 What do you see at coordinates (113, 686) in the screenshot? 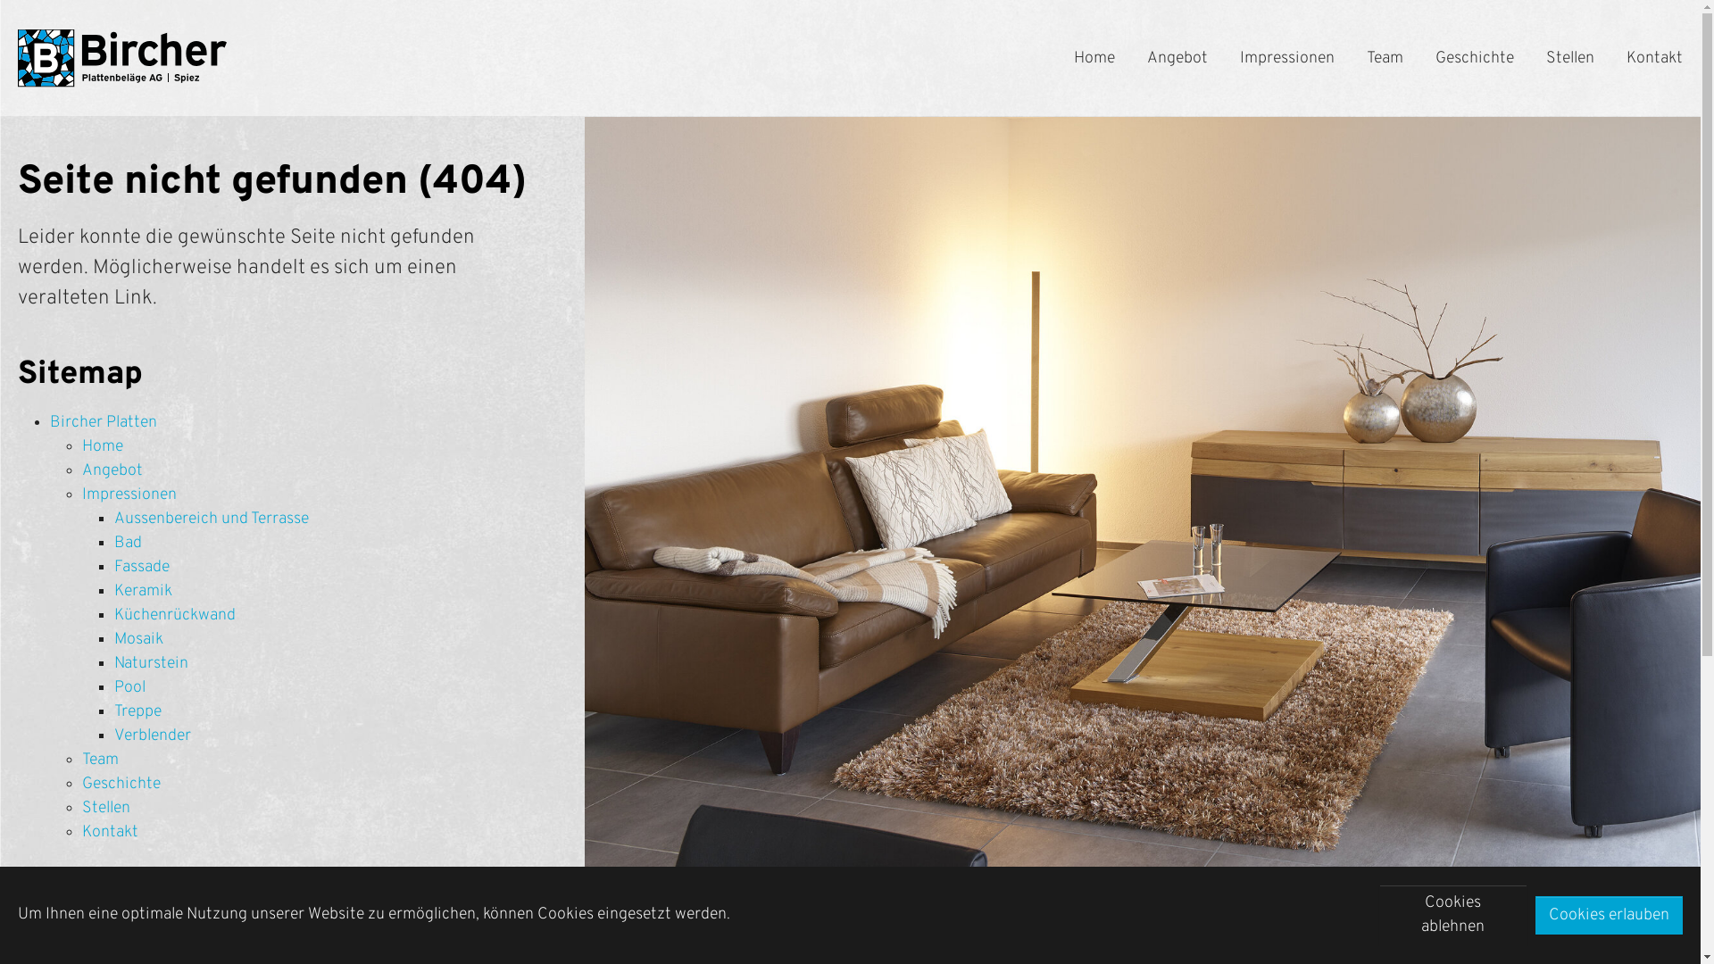
I see `'Pool'` at bounding box center [113, 686].